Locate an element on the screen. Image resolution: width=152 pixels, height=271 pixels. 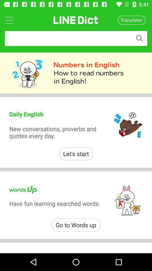
open menu is located at coordinates (9, 20).